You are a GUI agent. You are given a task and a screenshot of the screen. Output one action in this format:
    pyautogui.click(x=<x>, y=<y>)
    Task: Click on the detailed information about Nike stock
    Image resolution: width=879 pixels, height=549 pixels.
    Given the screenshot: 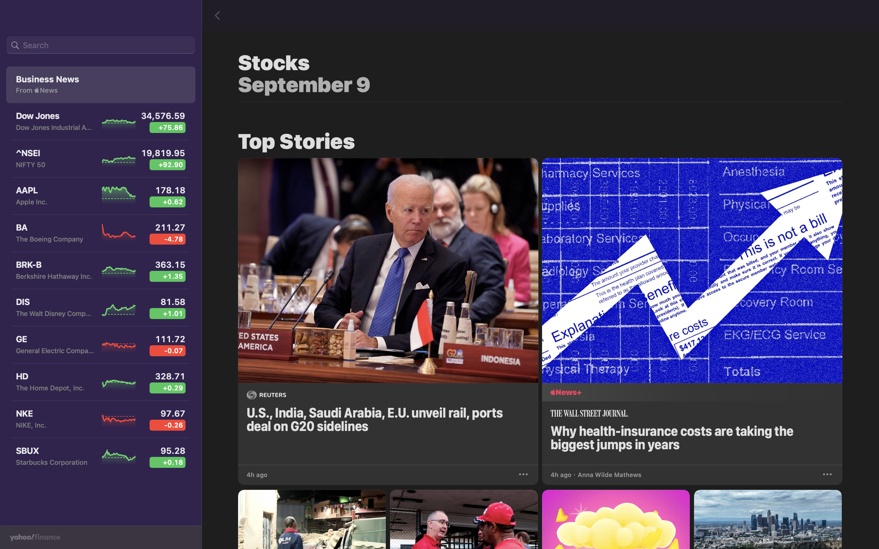 What is the action you would take?
    pyautogui.click(x=100, y=422)
    